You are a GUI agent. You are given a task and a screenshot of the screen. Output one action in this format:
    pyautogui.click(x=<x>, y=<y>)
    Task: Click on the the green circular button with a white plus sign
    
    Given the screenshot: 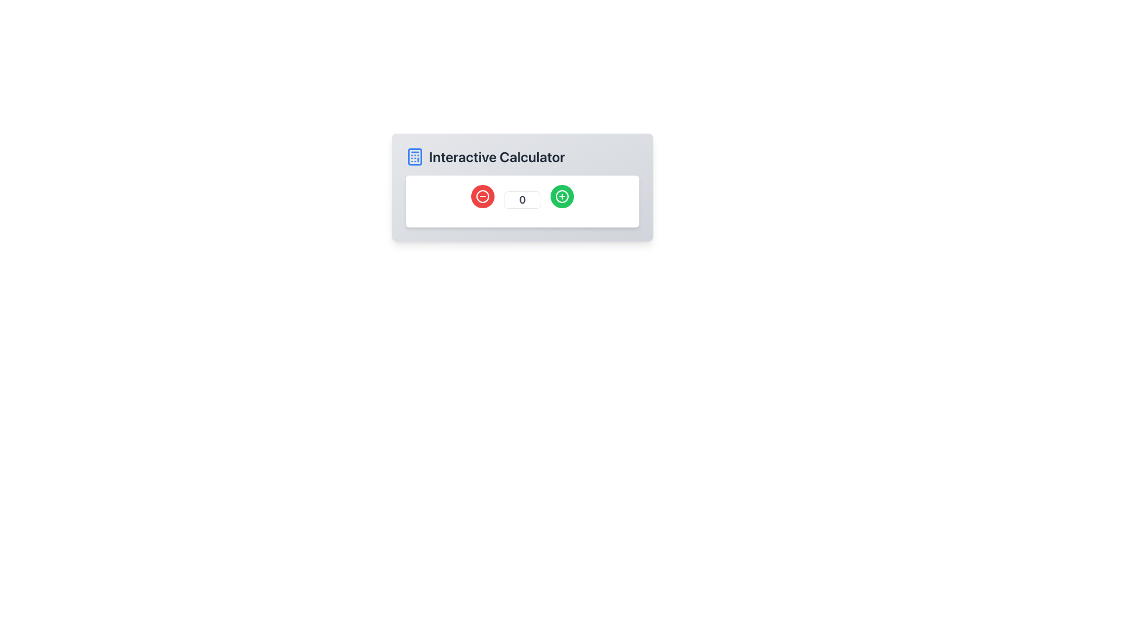 What is the action you would take?
    pyautogui.click(x=562, y=195)
    